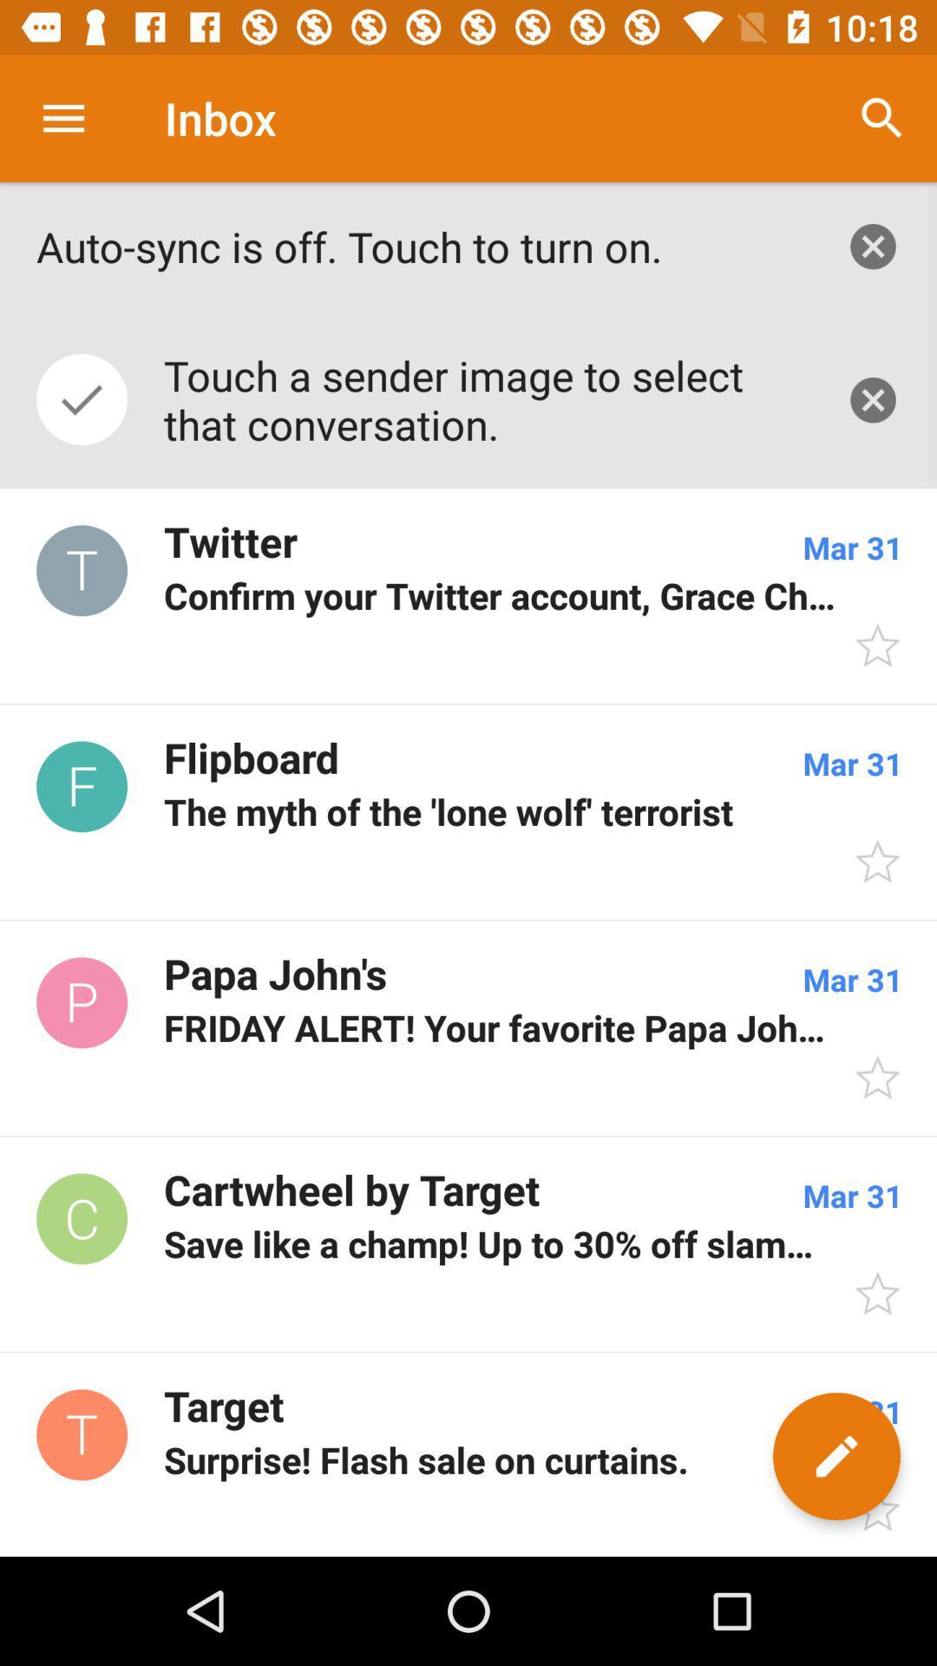 This screenshot has height=1666, width=937. Describe the element at coordinates (62, 117) in the screenshot. I see `icon above the auto sync is` at that location.